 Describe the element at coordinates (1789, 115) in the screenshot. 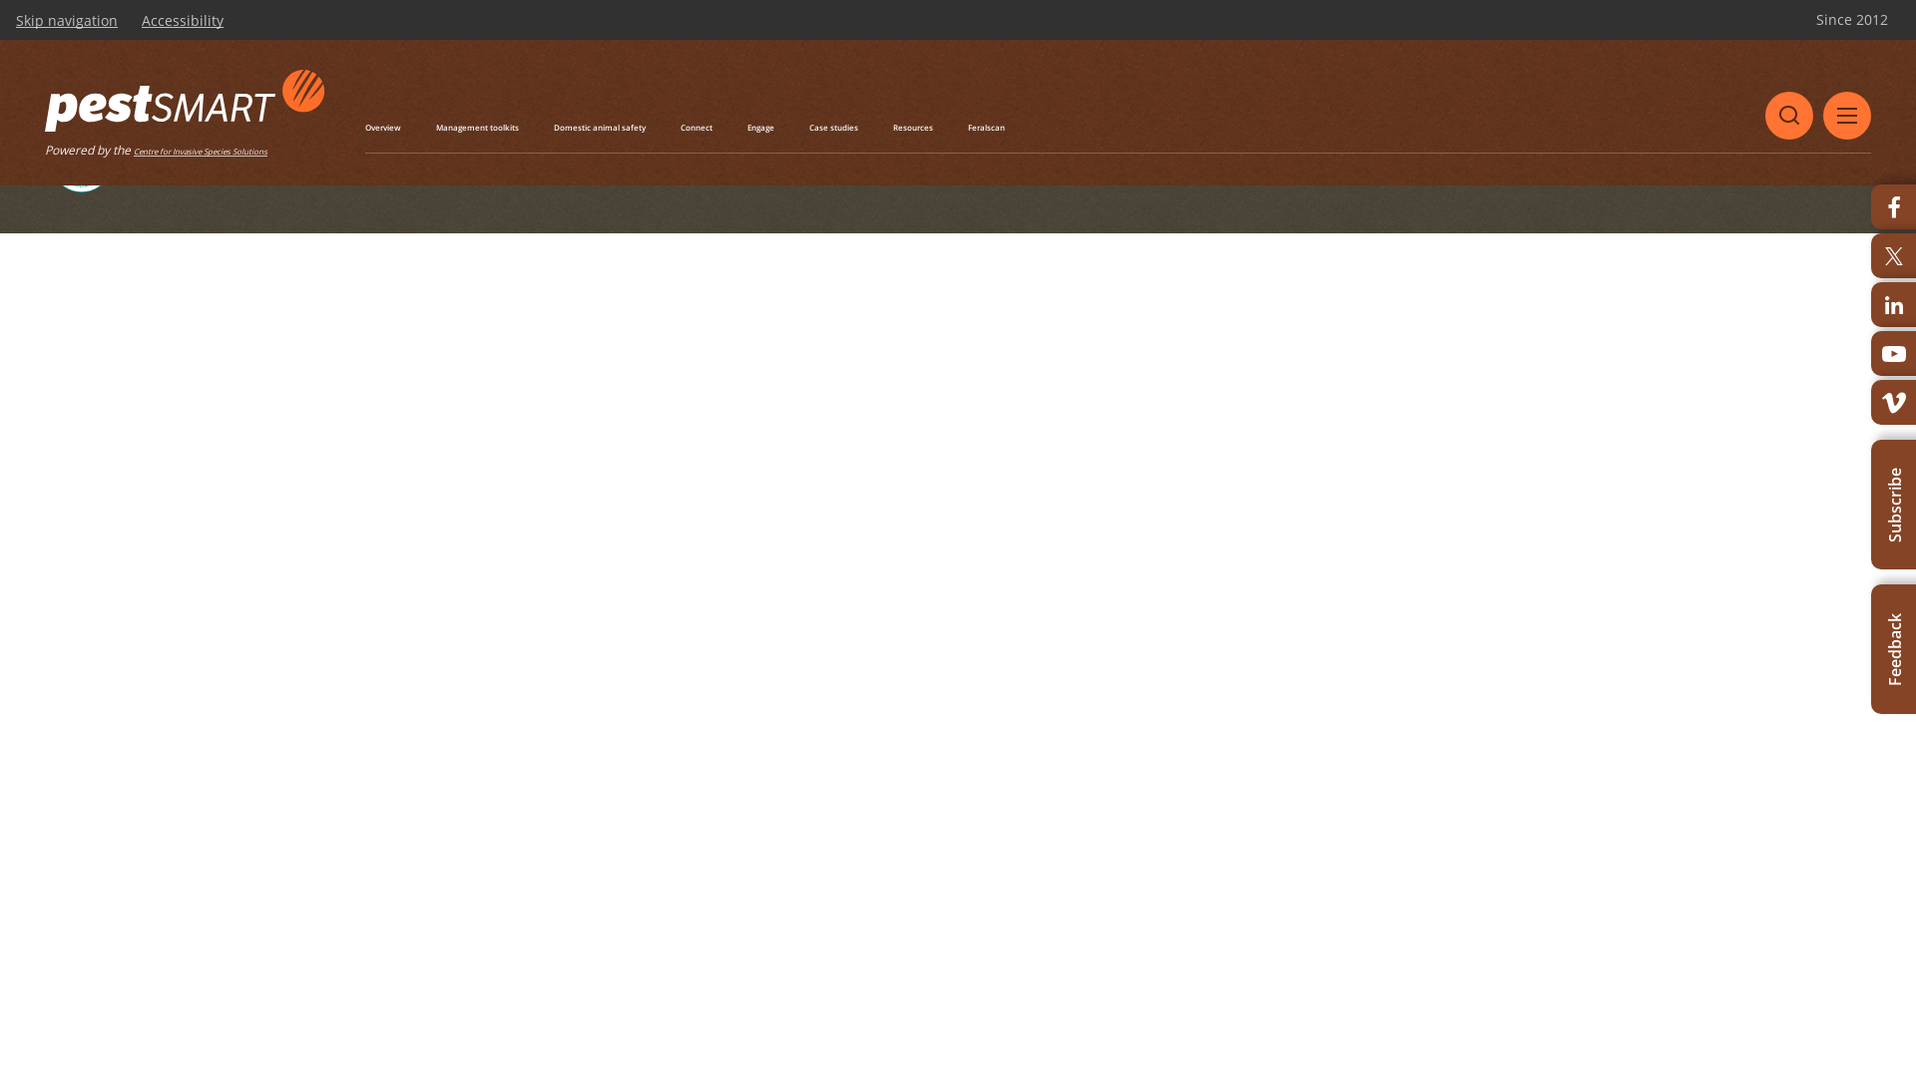

I see `'Search PestSmart website'` at that location.